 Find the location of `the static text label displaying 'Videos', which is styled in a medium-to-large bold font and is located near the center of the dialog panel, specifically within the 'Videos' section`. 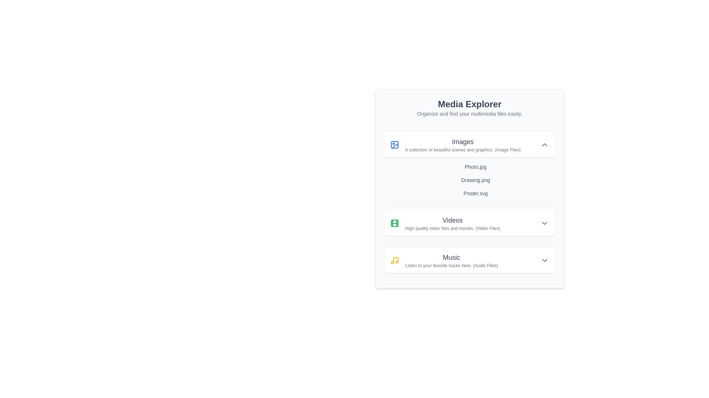

the static text label displaying 'Videos', which is styled in a medium-to-large bold font and is located near the center of the dialog panel, specifically within the 'Videos' section is located at coordinates (452, 220).